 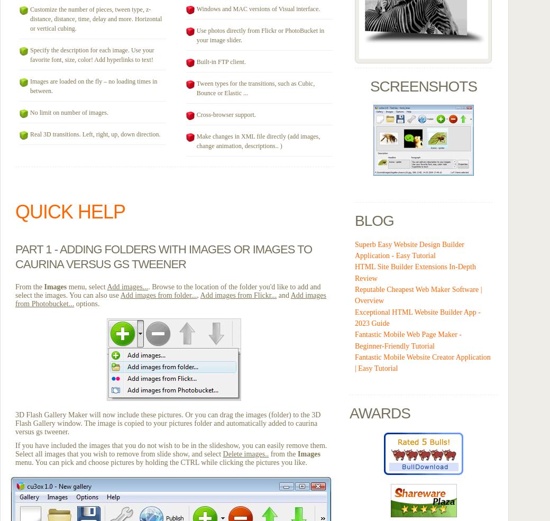 I want to click on 'Awards', so click(x=380, y=413).